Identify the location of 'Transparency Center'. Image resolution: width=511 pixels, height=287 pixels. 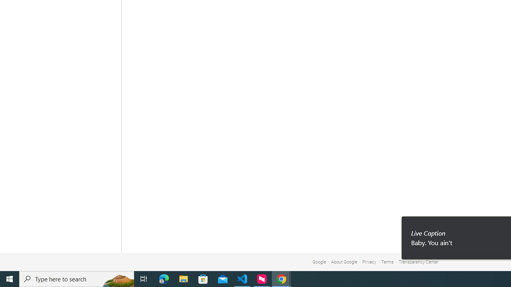
(418, 262).